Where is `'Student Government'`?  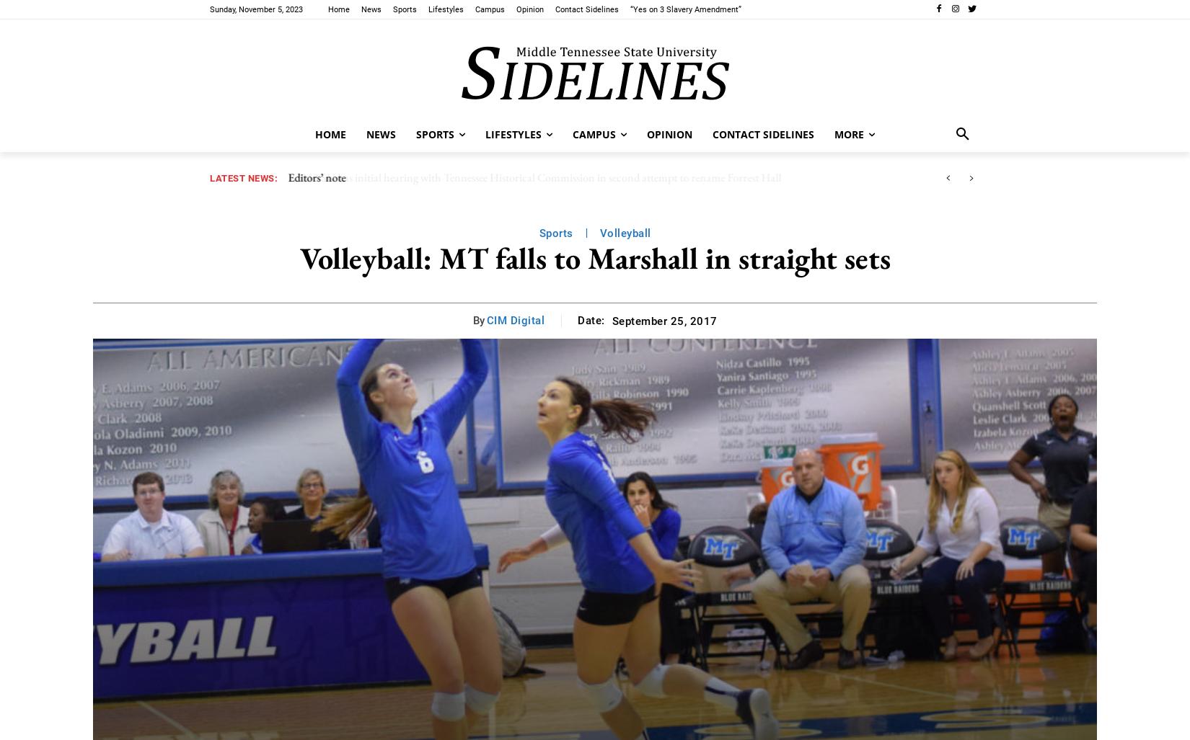 'Student Government' is located at coordinates (522, 28).